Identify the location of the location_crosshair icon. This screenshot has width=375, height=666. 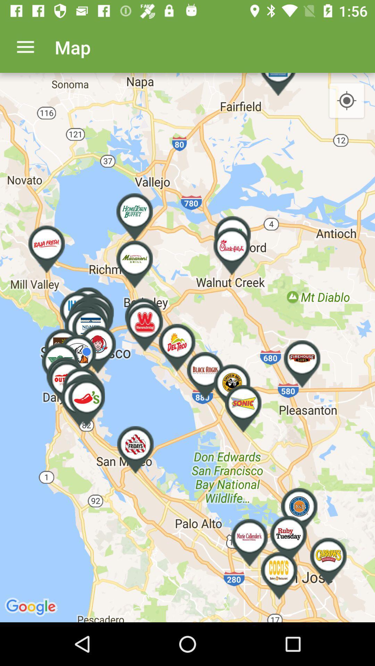
(347, 101).